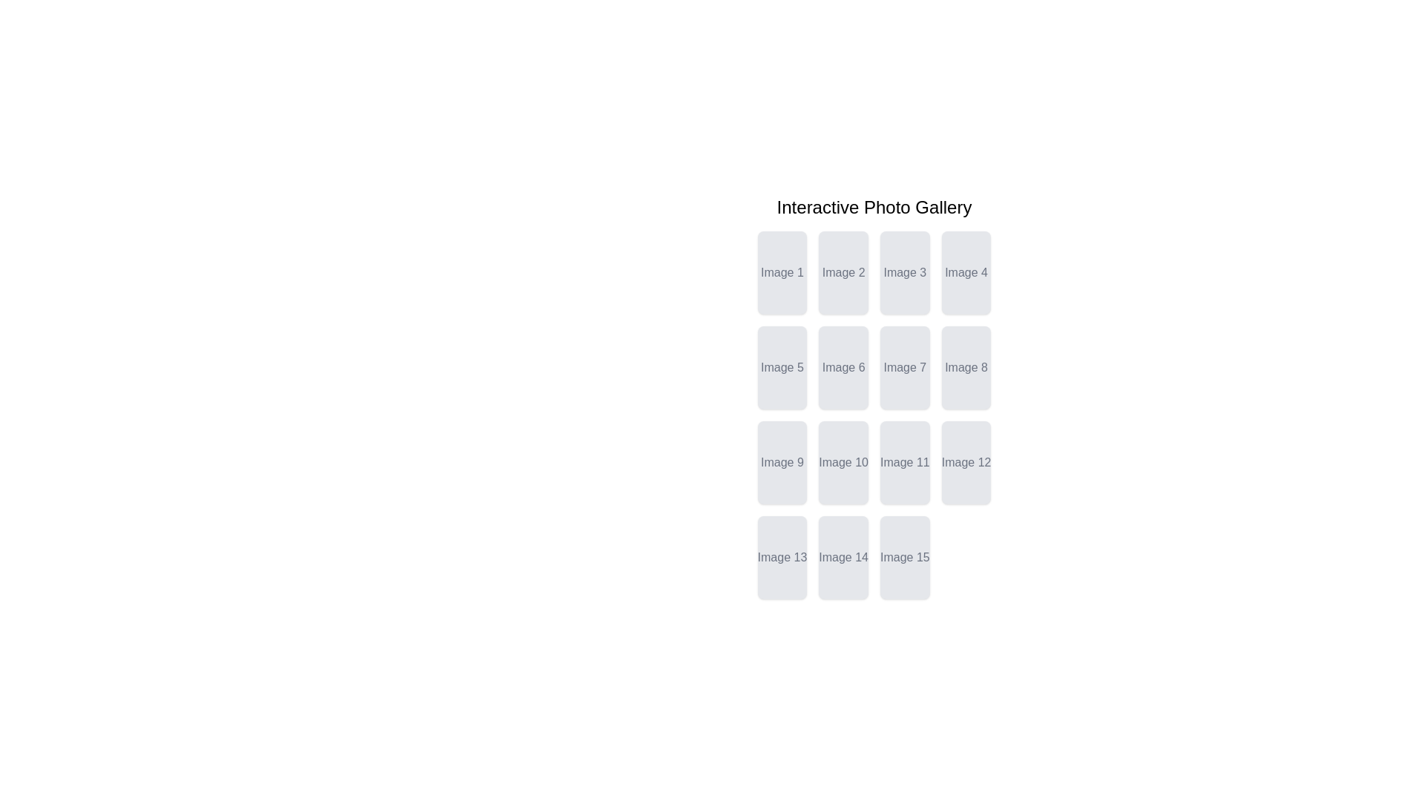 The height and width of the screenshot is (801, 1424). Describe the element at coordinates (843, 272) in the screenshot. I see `the card element displaying the label 'Image 2' in the grid layout, which is located in the first row and second column, adjacent to 'Image 1' and 'Image 3'` at that location.